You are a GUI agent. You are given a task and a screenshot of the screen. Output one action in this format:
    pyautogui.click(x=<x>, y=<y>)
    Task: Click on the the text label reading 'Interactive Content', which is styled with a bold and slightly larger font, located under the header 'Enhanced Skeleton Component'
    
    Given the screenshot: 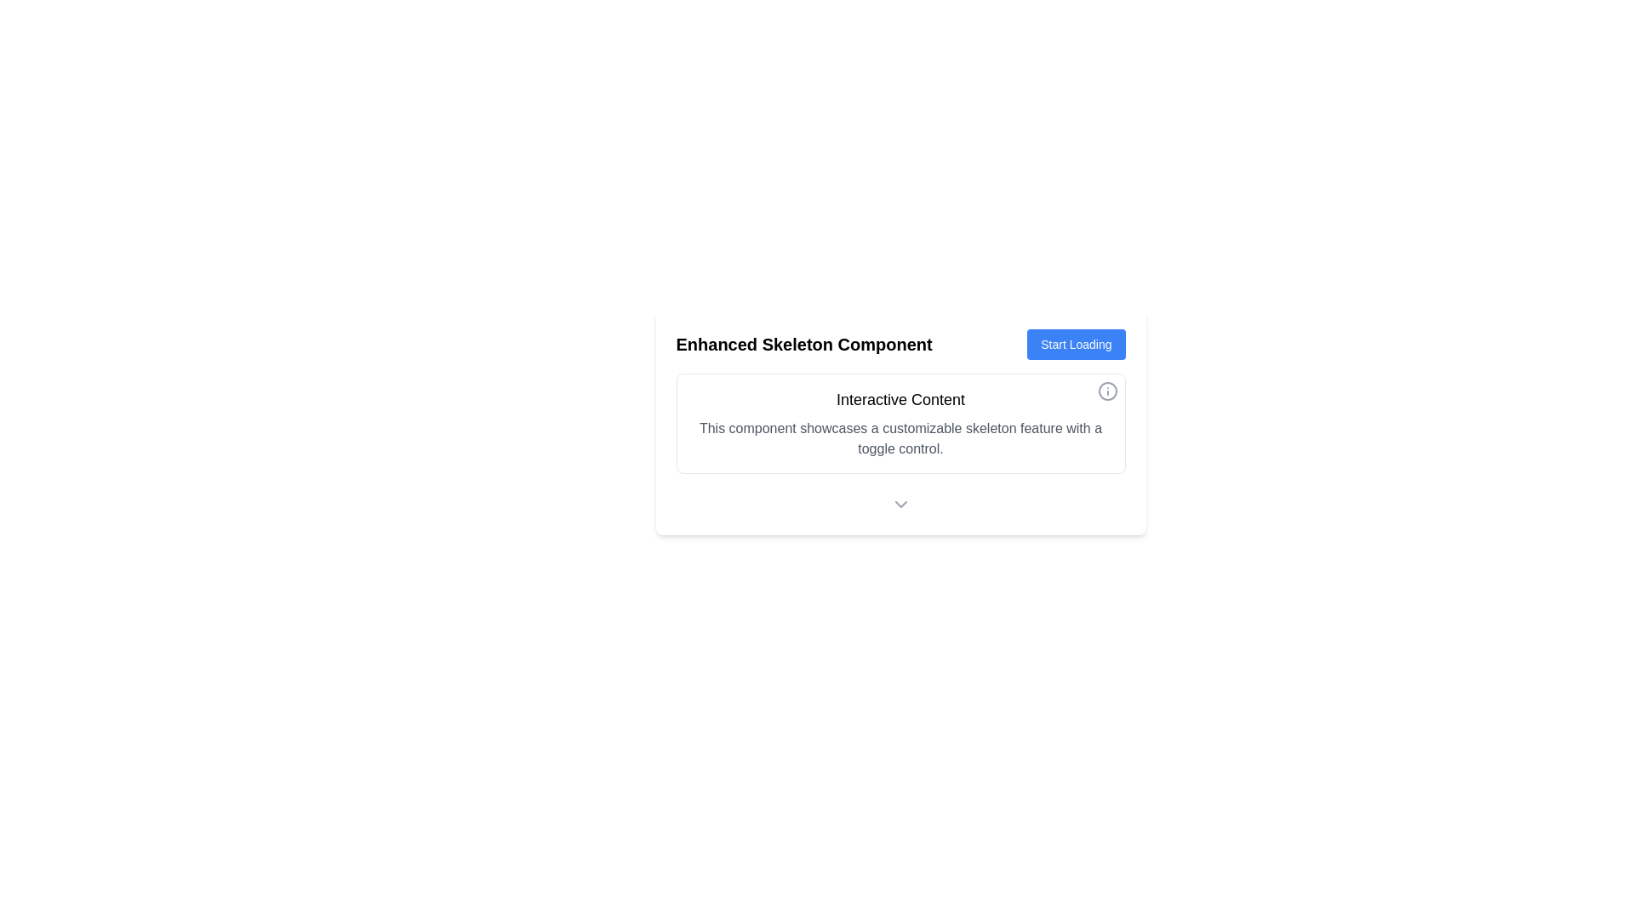 What is the action you would take?
    pyautogui.click(x=900, y=400)
    